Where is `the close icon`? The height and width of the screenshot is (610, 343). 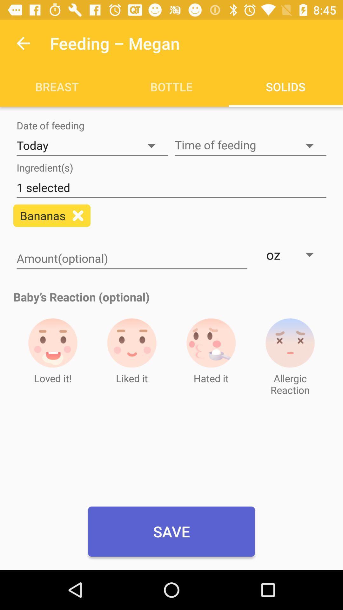 the close icon is located at coordinates (77, 215).